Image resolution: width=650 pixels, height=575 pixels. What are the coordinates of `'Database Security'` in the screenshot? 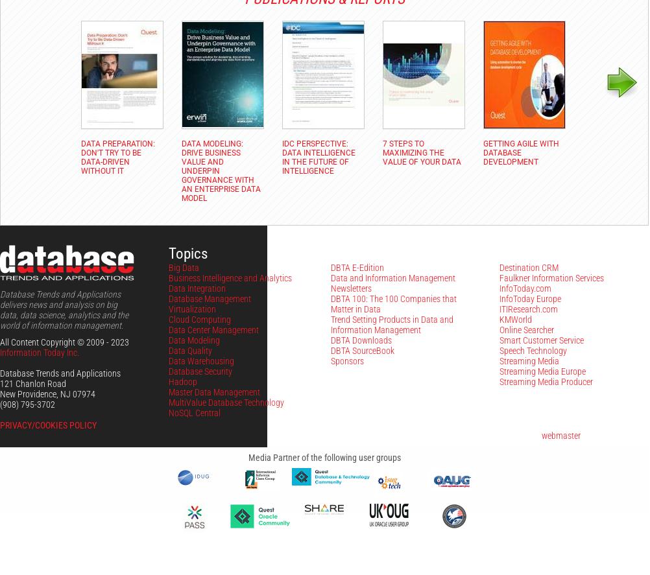 It's located at (168, 371).